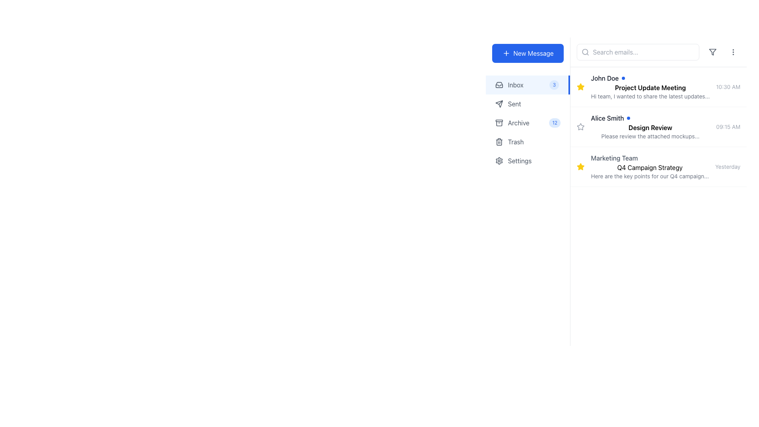  What do you see at coordinates (554, 85) in the screenshot?
I see `the notification count badge indicating new messages in the 'Inbox' folder, positioned at the far-right of the row` at bounding box center [554, 85].